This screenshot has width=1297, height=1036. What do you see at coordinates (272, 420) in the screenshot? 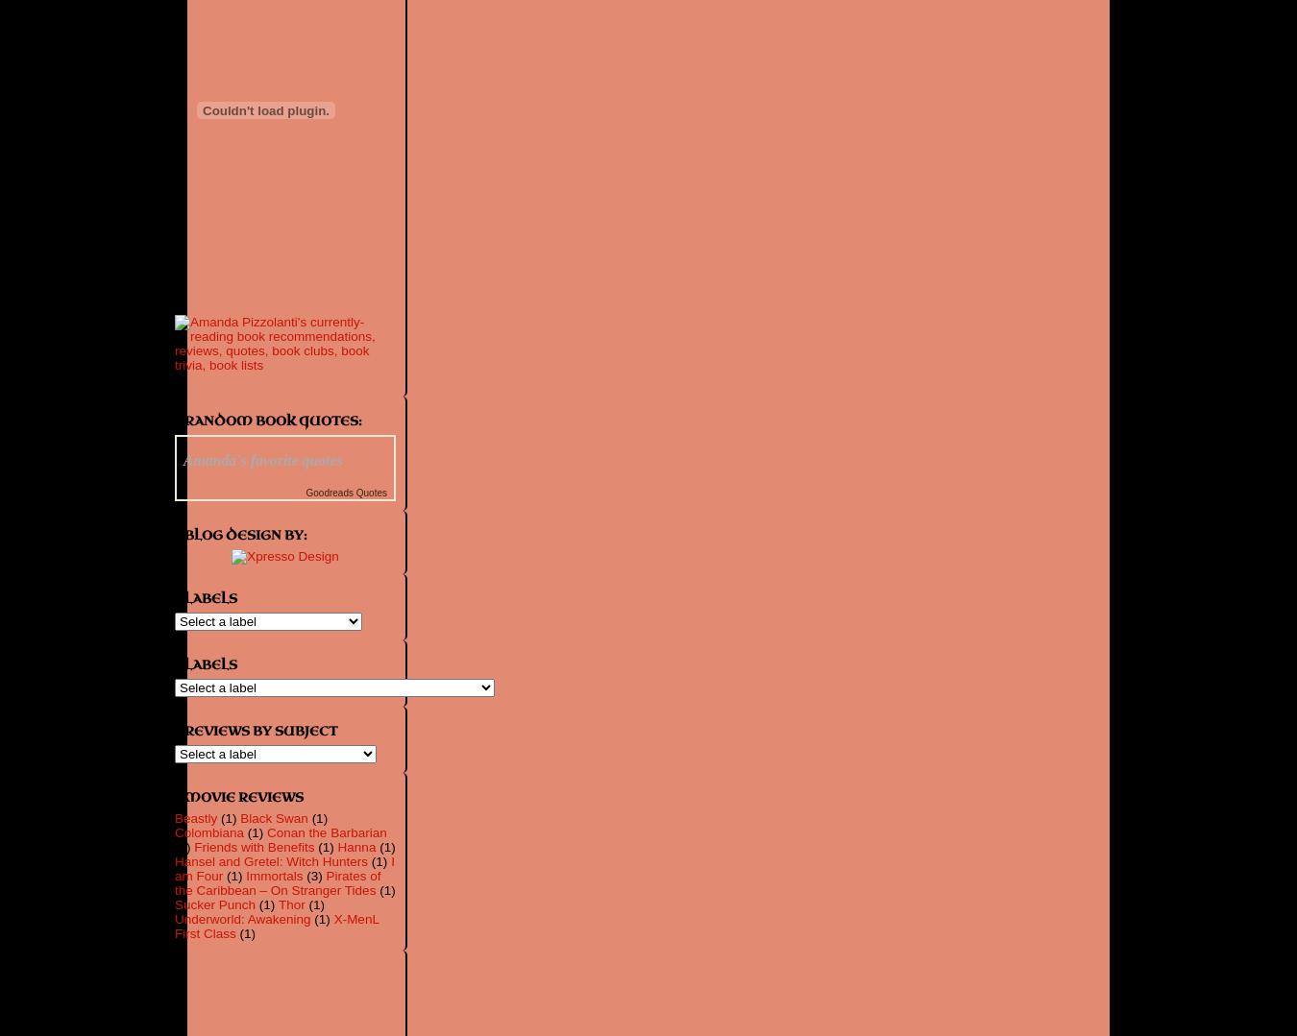
I see `'Random Book Quotes:'` at bounding box center [272, 420].